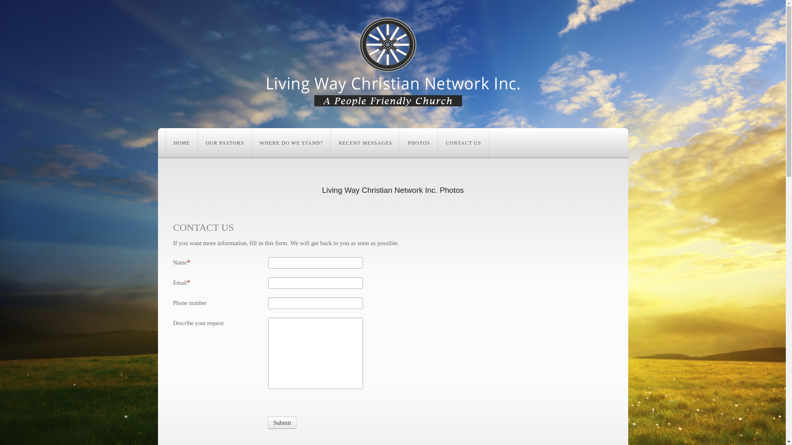  I want to click on 'CONTACT US', so click(463, 142).